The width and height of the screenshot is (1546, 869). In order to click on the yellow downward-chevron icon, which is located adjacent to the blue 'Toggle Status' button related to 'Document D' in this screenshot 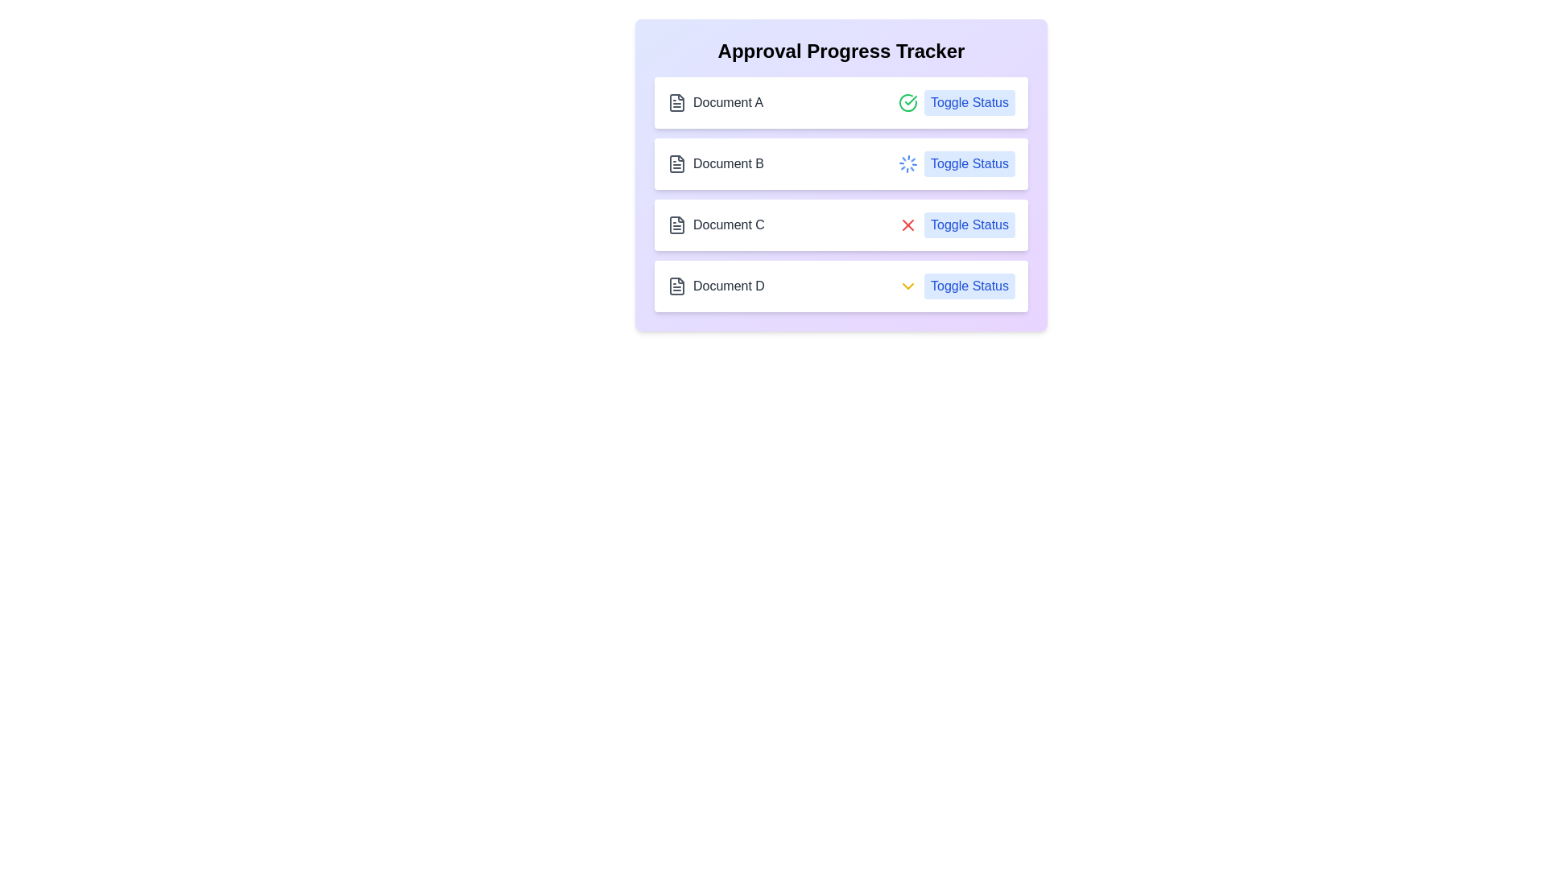, I will do `click(908, 285)`.